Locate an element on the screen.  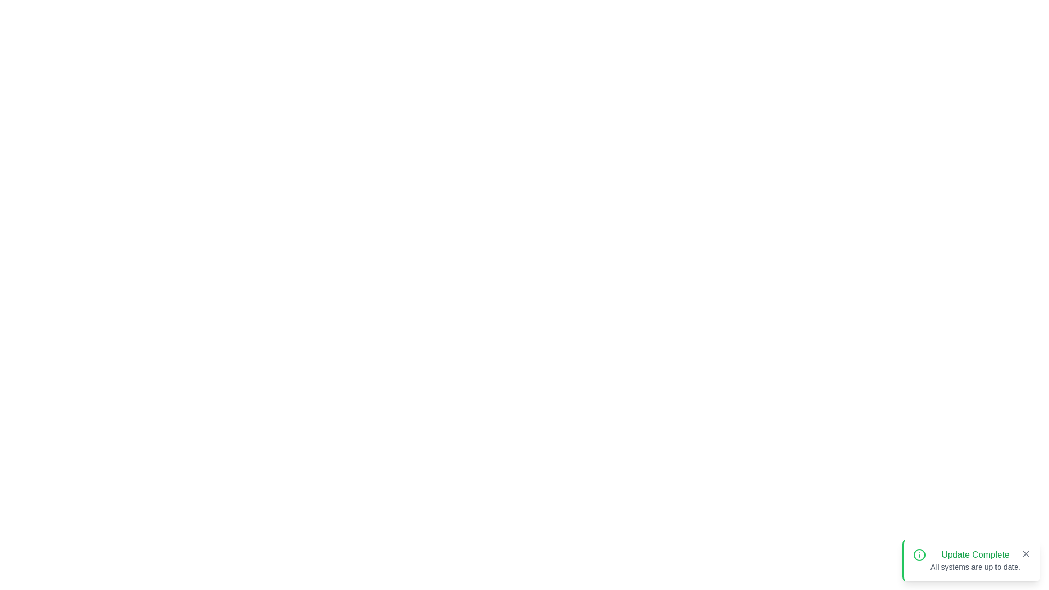
the notification icon to inspect it is located at coordinates (919, 554).